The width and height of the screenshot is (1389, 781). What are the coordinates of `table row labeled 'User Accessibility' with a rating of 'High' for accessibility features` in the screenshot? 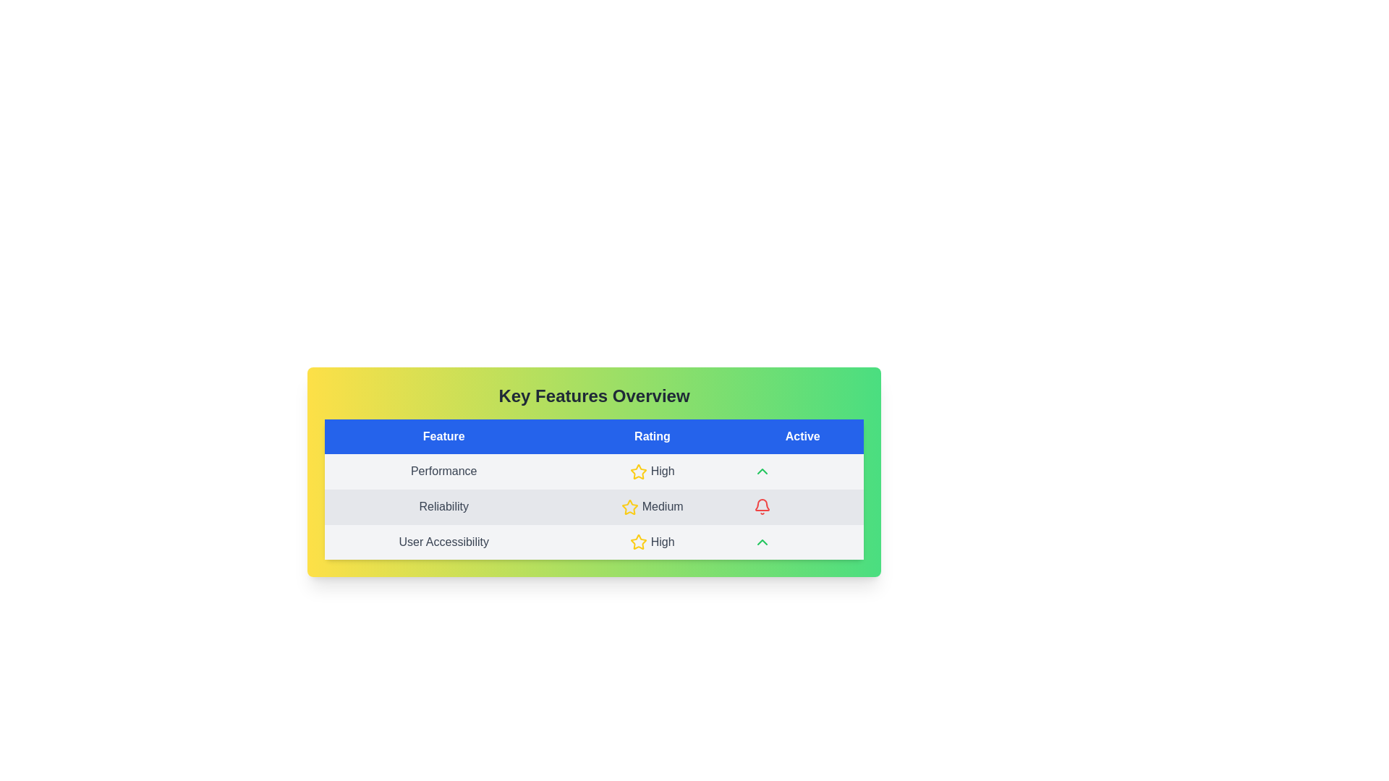 It's located at (594, 542).